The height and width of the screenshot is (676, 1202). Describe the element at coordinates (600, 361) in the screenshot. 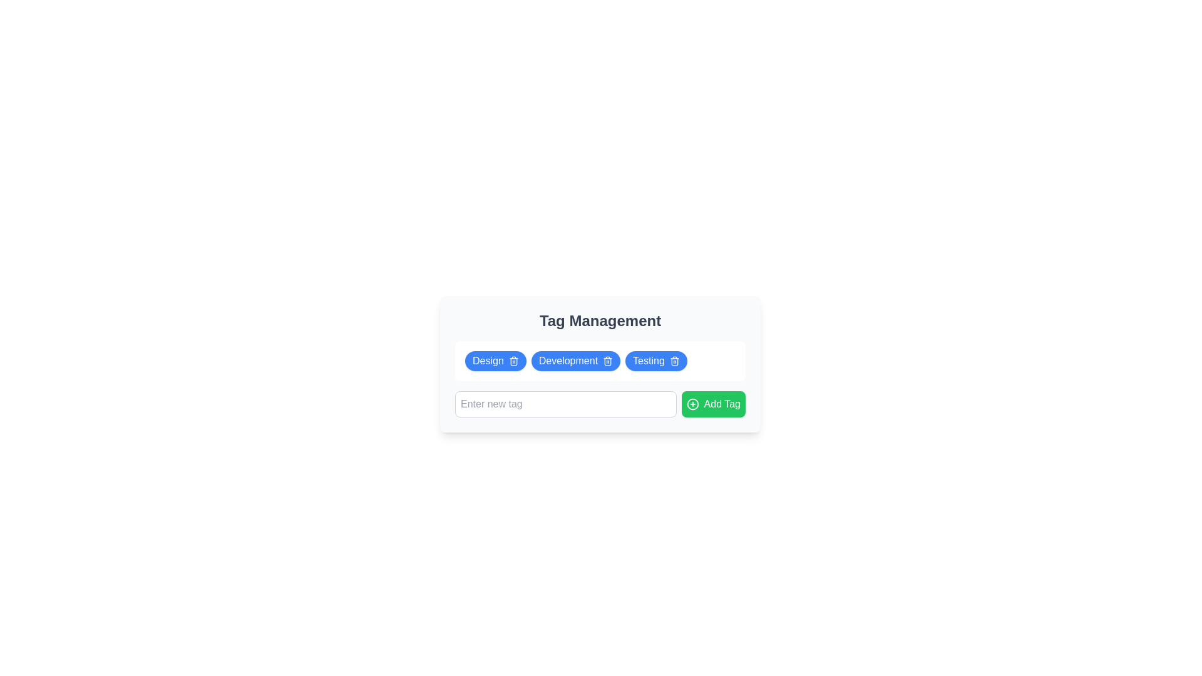

I see `the tag group containing the tags 'Design', 'Development', and 'Testing' within the 'Tag Management' card for interaction` at that location.